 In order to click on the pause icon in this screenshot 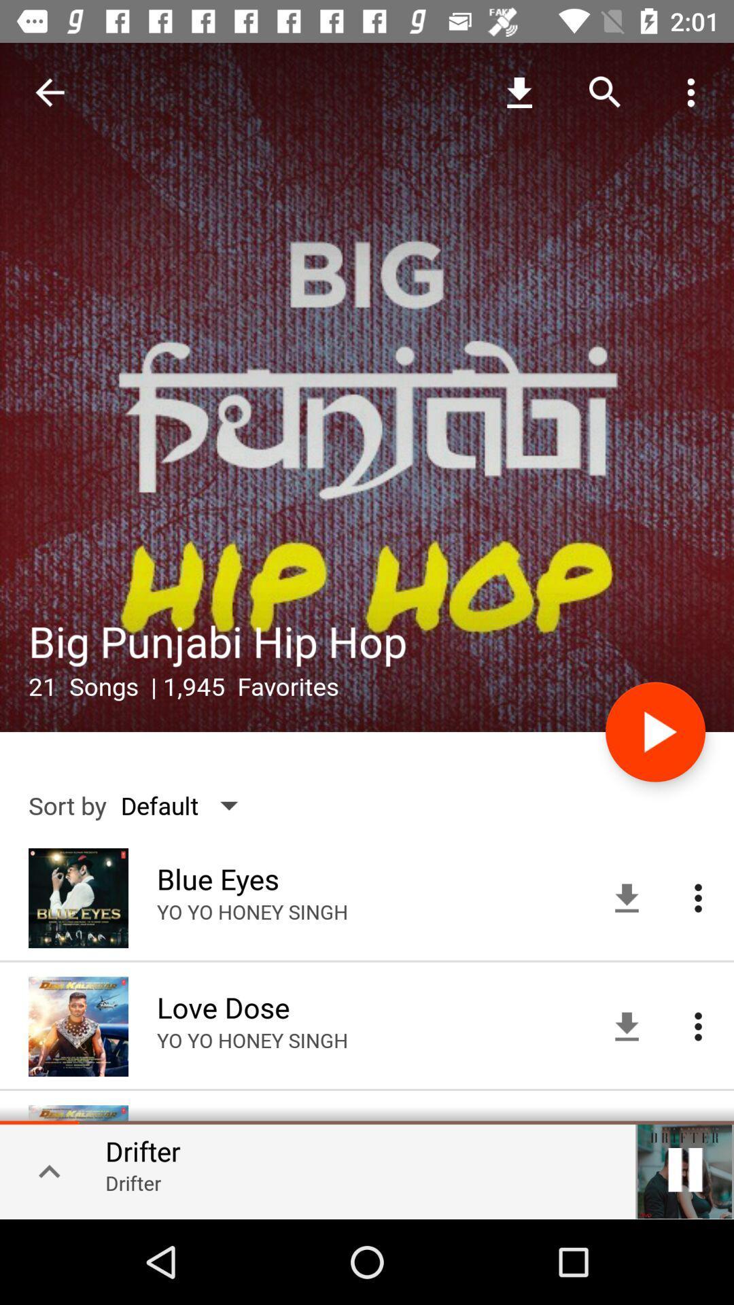, I will do `click(684, 1169)`.